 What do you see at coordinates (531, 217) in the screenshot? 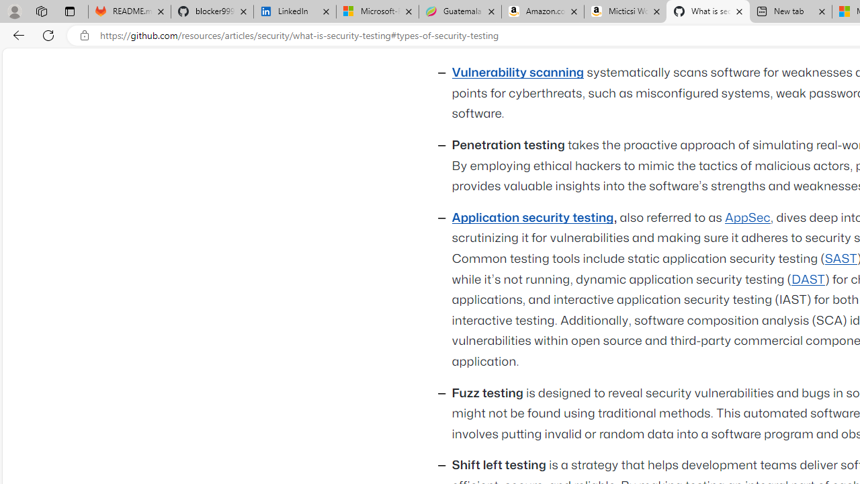
I see `'Application security testing'` at bounding box center [531, 217].